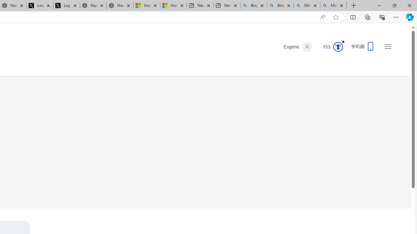  I want to click on 'How to Use a Monitor With Your Closed Laptop', so click(173, 6).